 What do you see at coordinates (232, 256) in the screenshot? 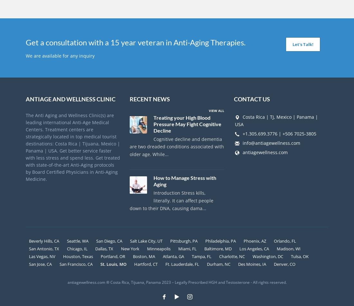
I see `'Charlotte, NC'` at bounding box center [232, 256].